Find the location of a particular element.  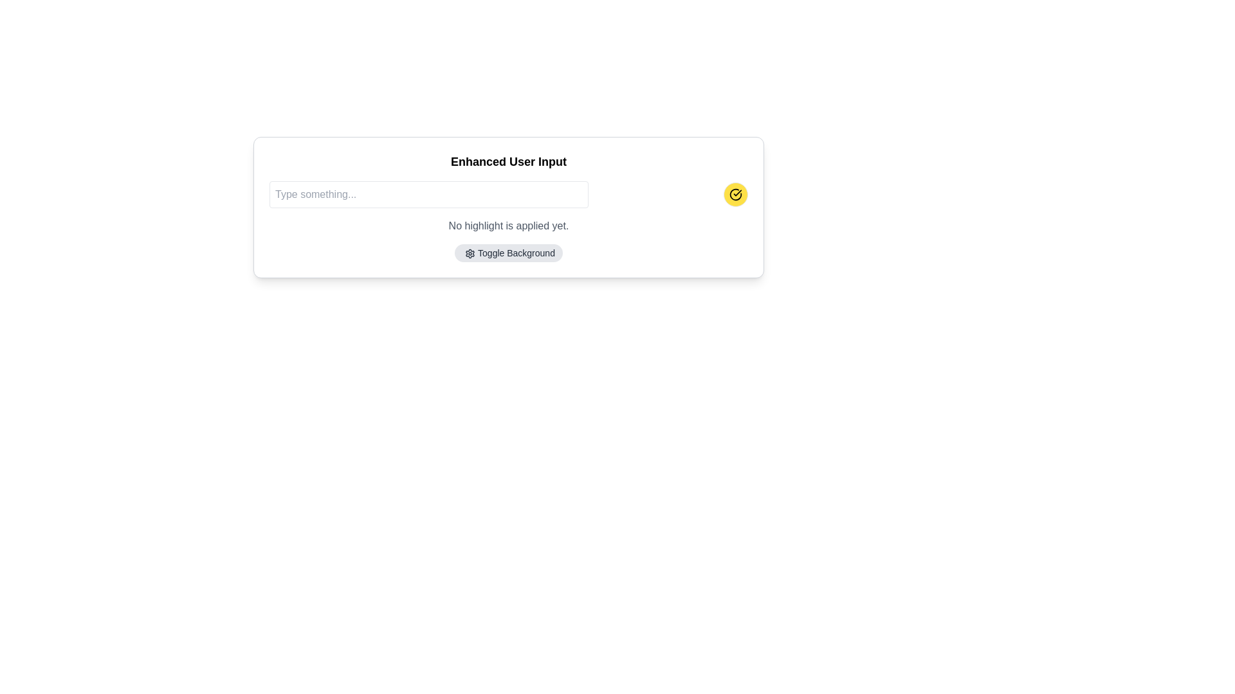

the text label that reads 'No highlight is applied yet.', which is styled in light gray color and located underneath the 'Type something...' input box is located at coordinates (508, 225).